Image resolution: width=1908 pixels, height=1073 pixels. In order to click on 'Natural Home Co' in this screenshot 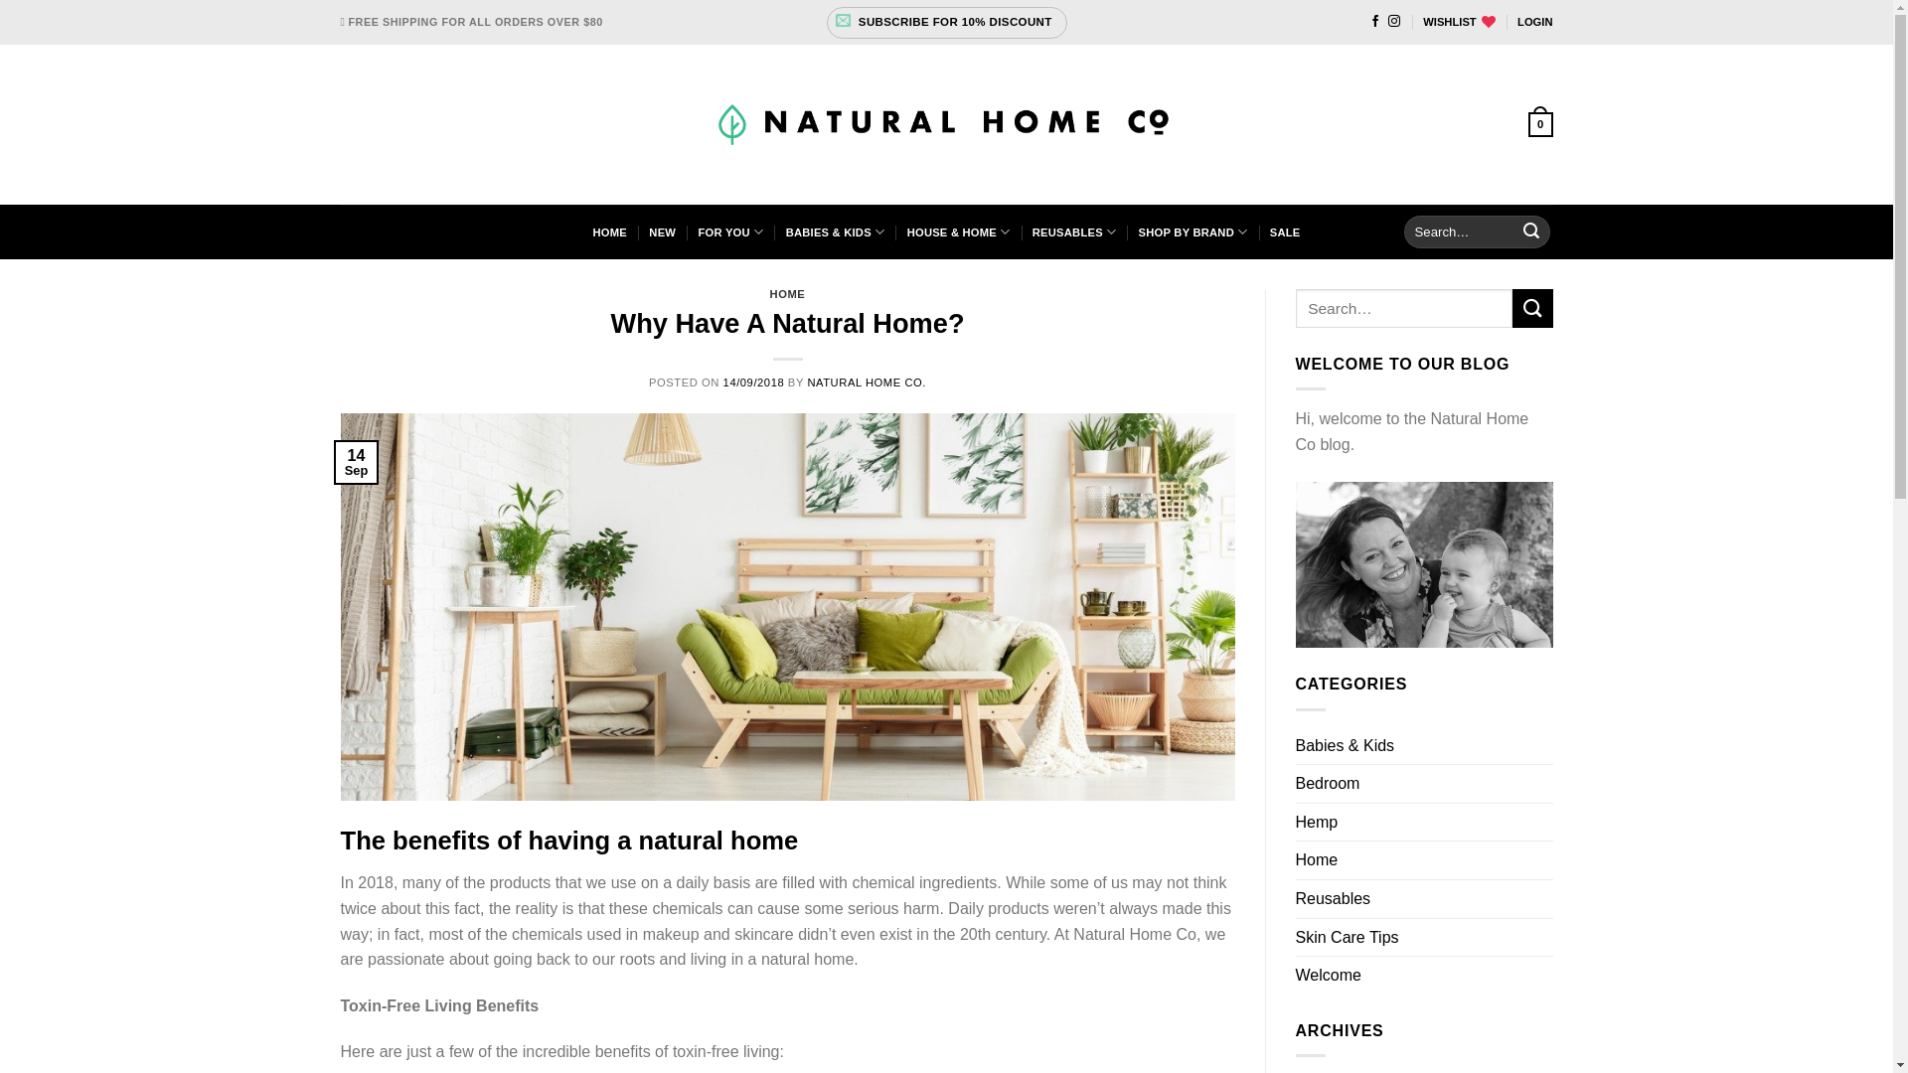, I will do `click(944, 123)`.